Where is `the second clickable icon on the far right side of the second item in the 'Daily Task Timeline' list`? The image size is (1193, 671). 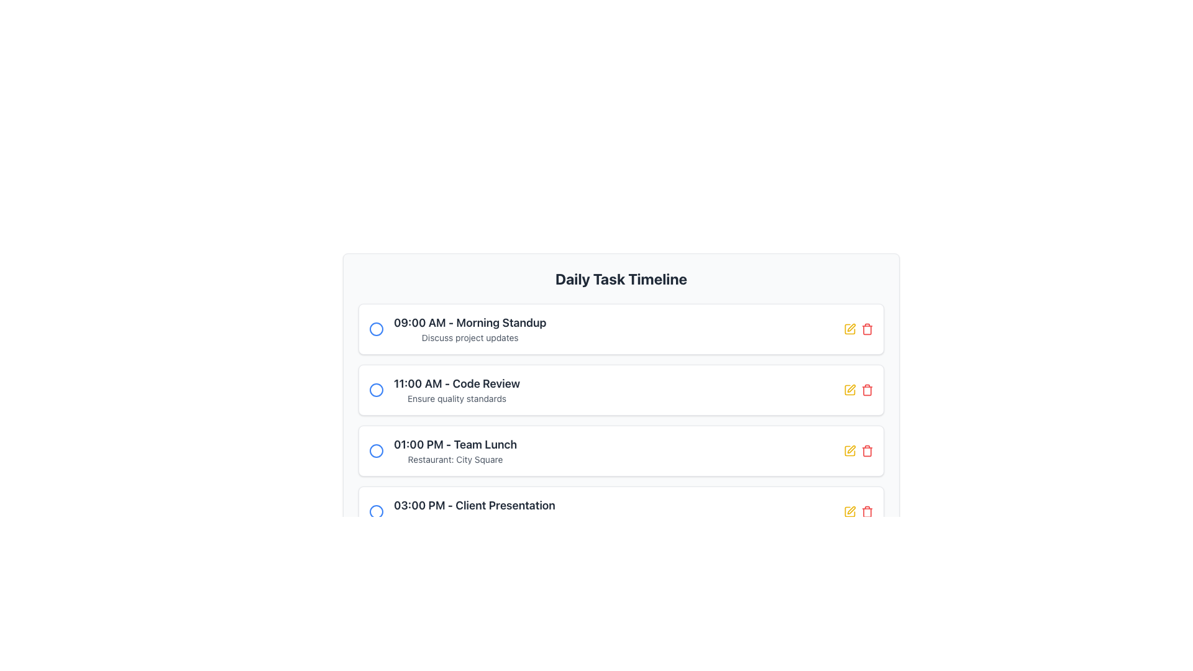
the second clickable icon on the far right side of the second item in the 'Daily Task Timeline' list is located at coordinates (867, 328).